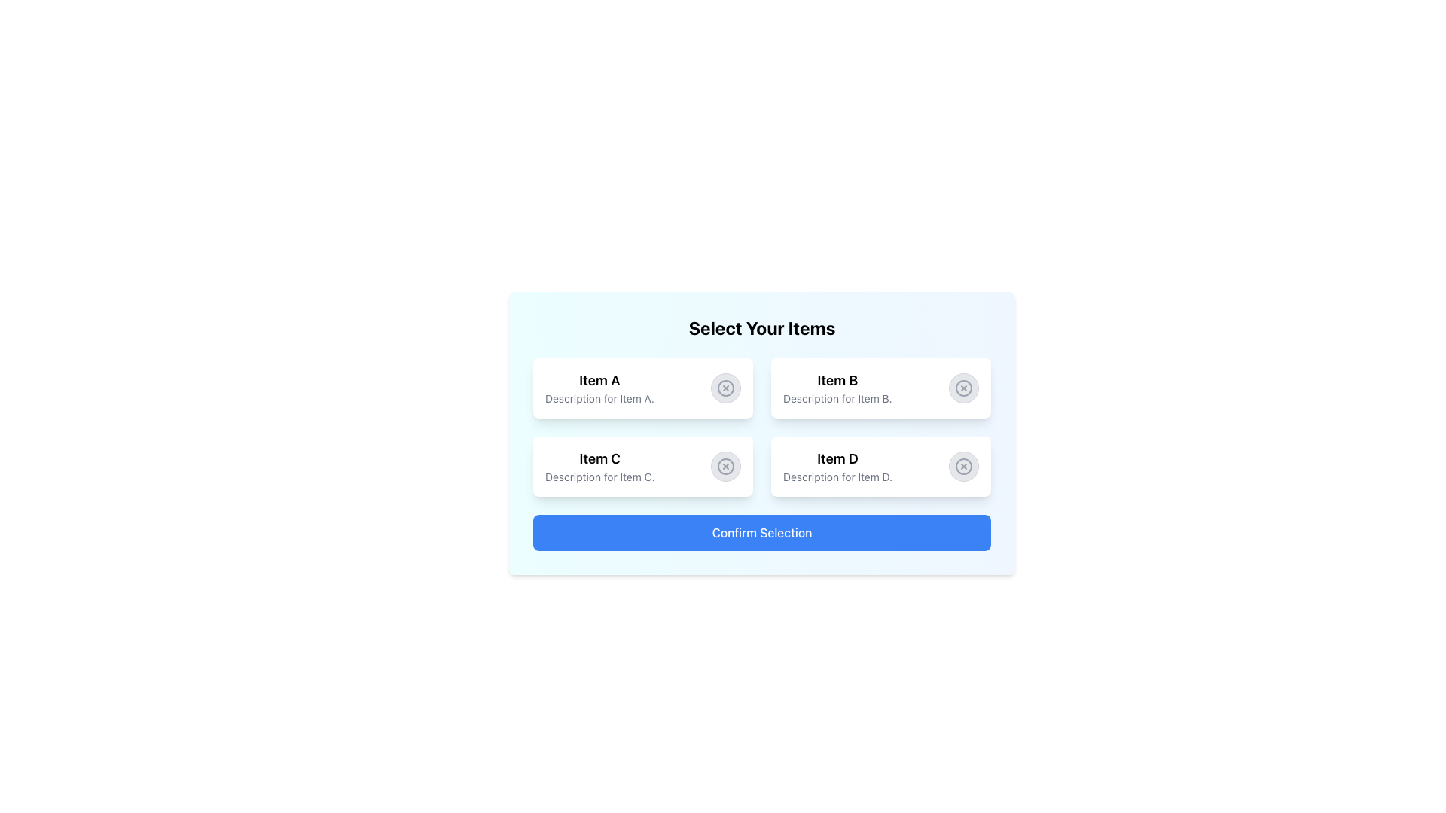  What do you see at coordinates (599, 477) in the screenshot?
I see `the static text label providing details about 'Item C', which is located in the content area directly below the text 'Item C'` at bounding box center [599, 477].